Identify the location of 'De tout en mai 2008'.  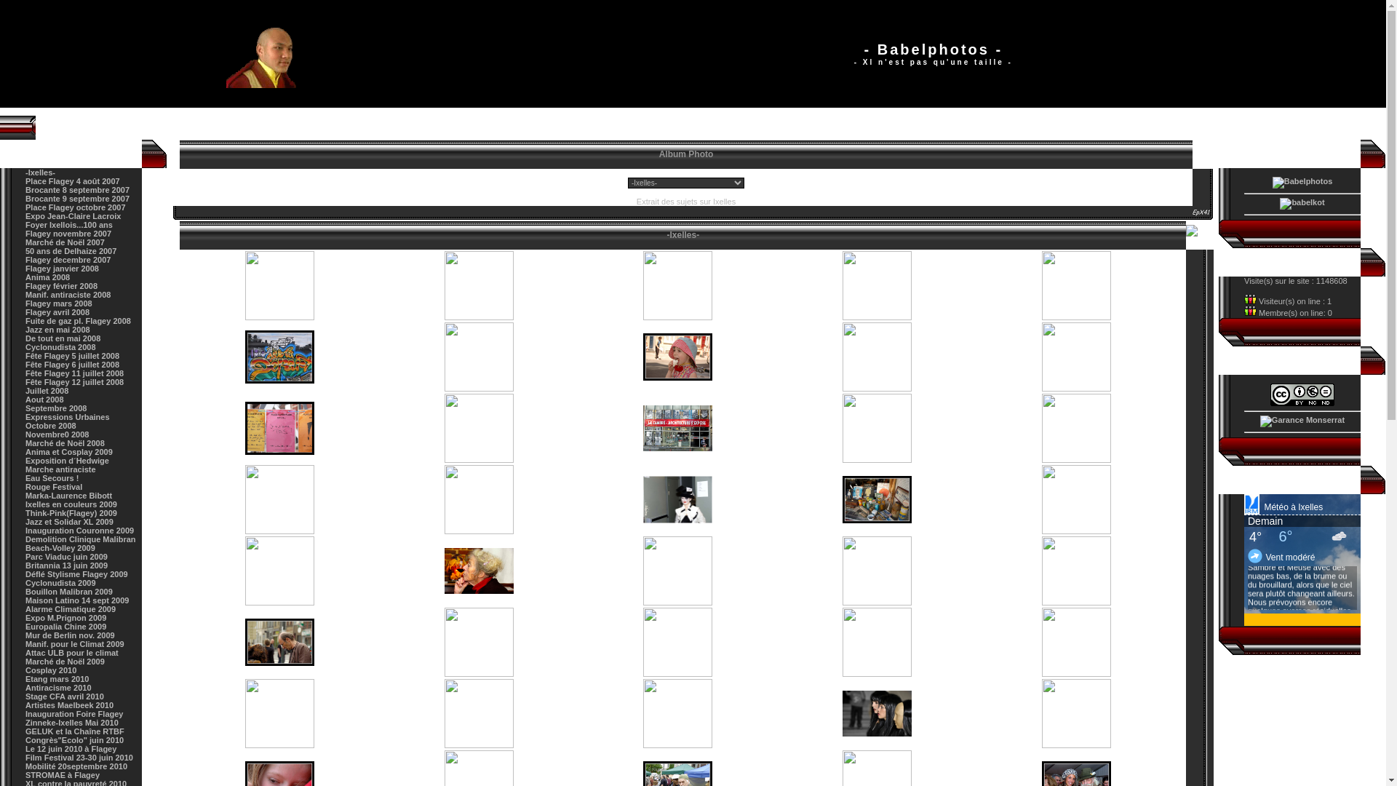
(25, 338).